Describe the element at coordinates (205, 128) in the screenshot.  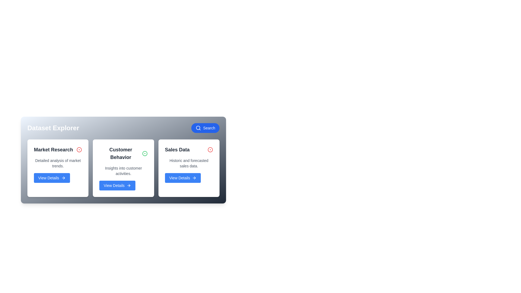
I see `the 'Search' button to initiate the search action` at that location.